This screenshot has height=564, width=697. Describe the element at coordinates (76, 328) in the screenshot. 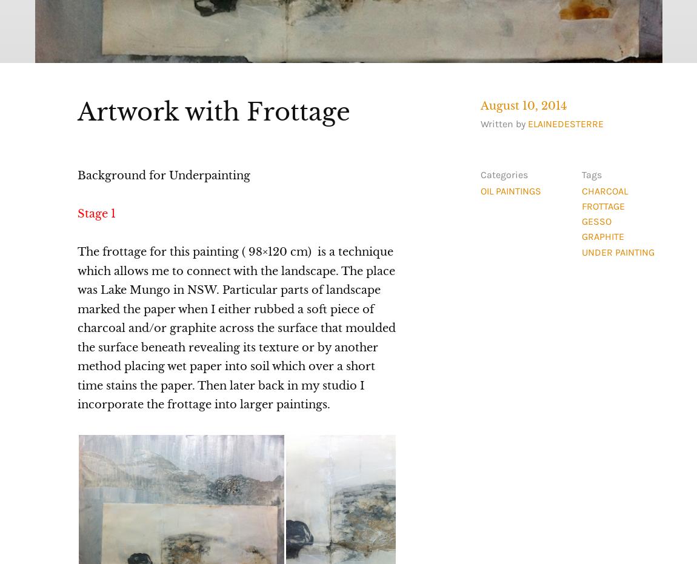

I see `'The frottage for this painting ( 98×120 cm)  is a technique which allows me to connect with the landscape. The place was Lake Mungo in NSW. Particular parts of landscape marked the paper when I either rubbed a soft piece of charcoal and/or graphite across the surface that moulded the surface beneath revealing its texture or by another method placing wet paper into soil which over a short time stains the paper. Then later back in my studio I incorporate the frottage into larger paintings.'` at that location.